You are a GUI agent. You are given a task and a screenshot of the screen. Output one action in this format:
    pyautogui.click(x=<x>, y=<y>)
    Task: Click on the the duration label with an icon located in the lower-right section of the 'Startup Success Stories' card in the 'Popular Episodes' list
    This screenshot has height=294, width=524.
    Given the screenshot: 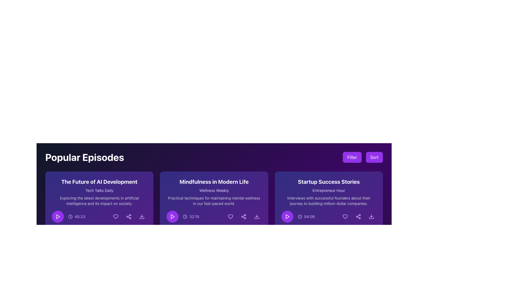 What is the action you would take?
    pyautogui.click(x=306, y=216)
    